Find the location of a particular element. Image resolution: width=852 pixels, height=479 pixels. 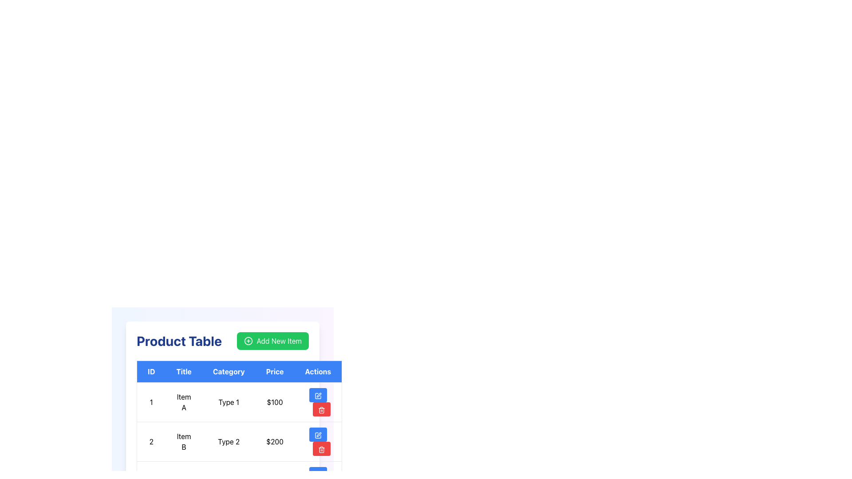

the blue rounded rectangular button with a pencil icon located in the 'Actions' column of the second row of the product information table is located at coordinates (317, 434).